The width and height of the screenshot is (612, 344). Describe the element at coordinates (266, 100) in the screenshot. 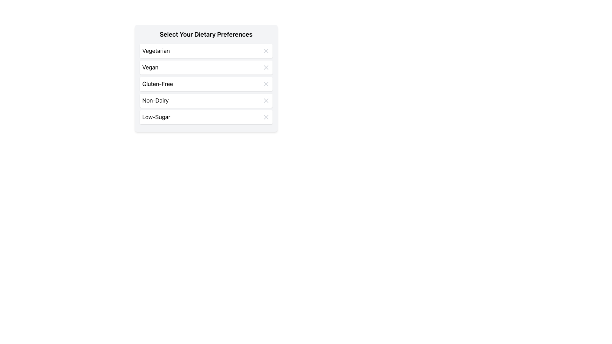

I see `the Close icon on the far right of the 'Non-Dairy' row` at that location.